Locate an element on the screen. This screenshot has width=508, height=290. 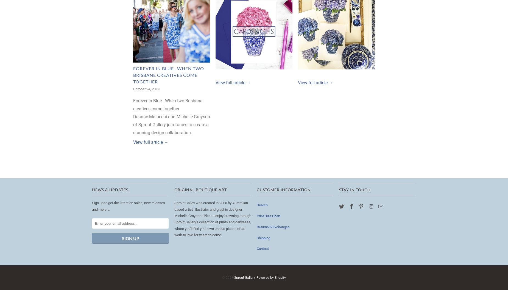
'Sign up to get the latest on sales, new releases and more …' is located at coordinates (129, 205).